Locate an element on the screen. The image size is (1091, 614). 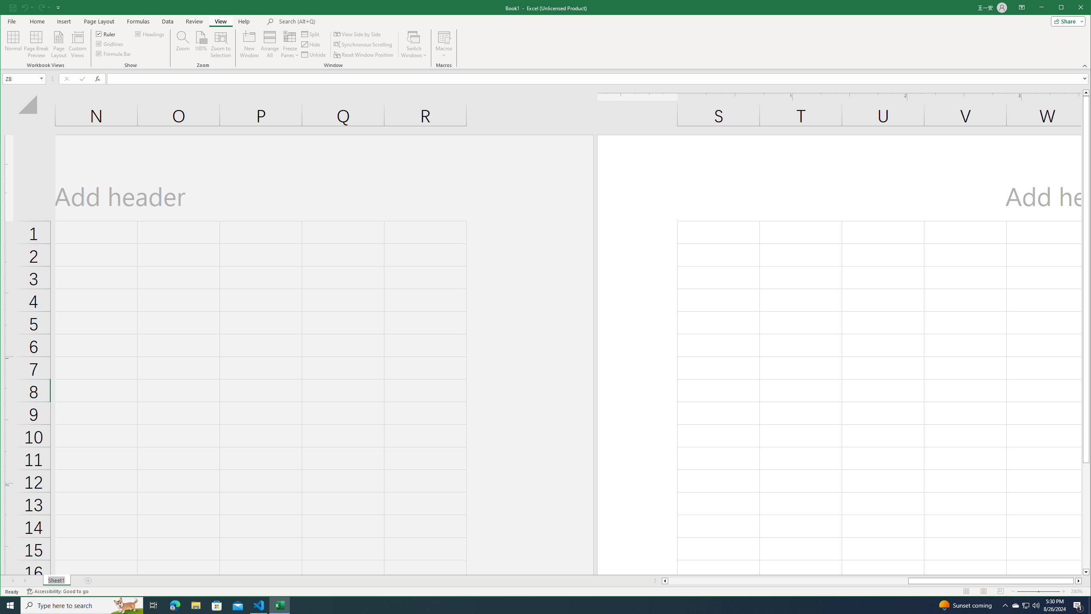
'Add Sheet' is located at coordinates (88, 581).